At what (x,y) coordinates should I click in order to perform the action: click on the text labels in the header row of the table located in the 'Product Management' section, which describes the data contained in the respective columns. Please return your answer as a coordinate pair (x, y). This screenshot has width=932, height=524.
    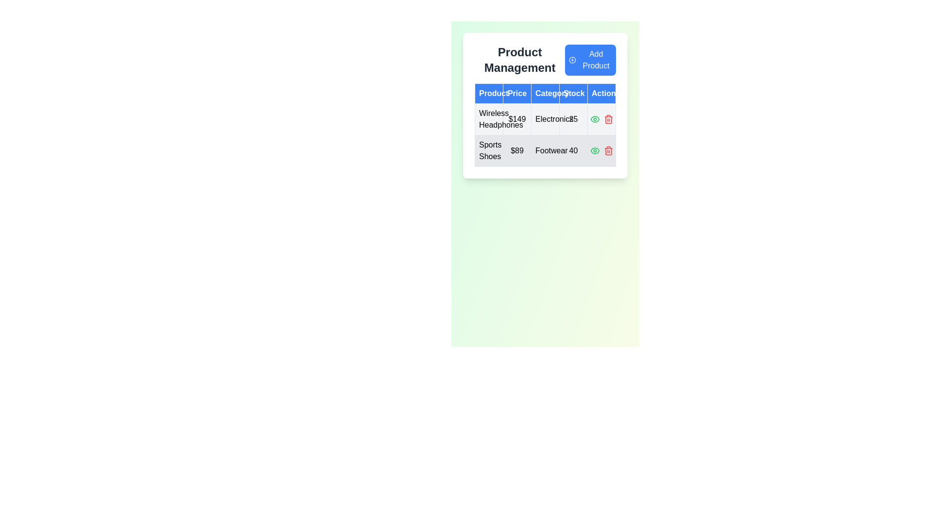
    Looking at the image, I should click on (545, 93).